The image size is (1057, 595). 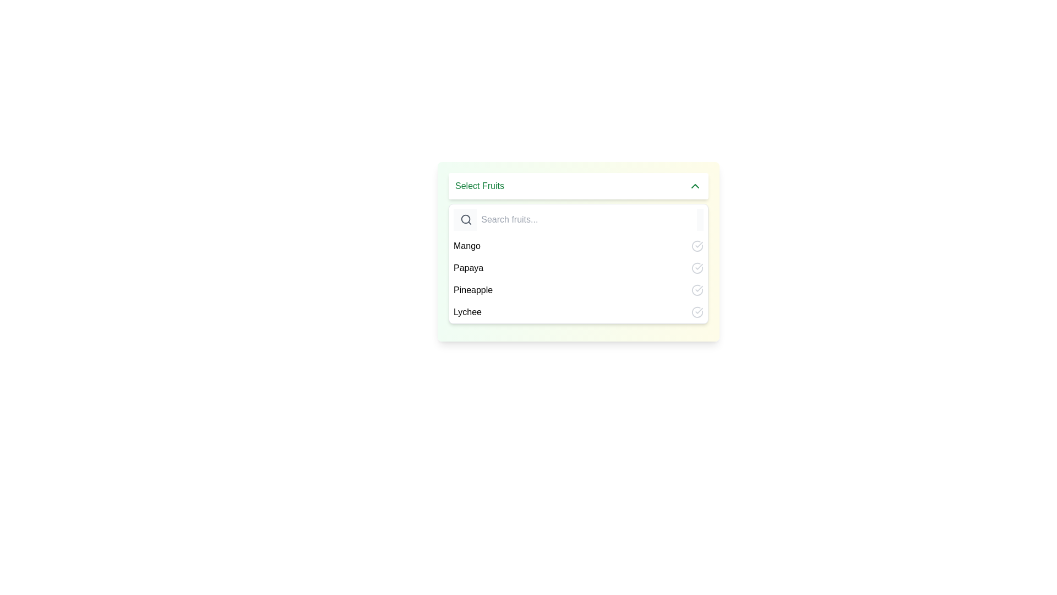 What do you see at coordinates (694, 186) in the screenshot?
I see `the green downward-facing chevron-shaped arrow icon located on the far right side of the 'Select Fruits' control` at bounding box center [694, 186].